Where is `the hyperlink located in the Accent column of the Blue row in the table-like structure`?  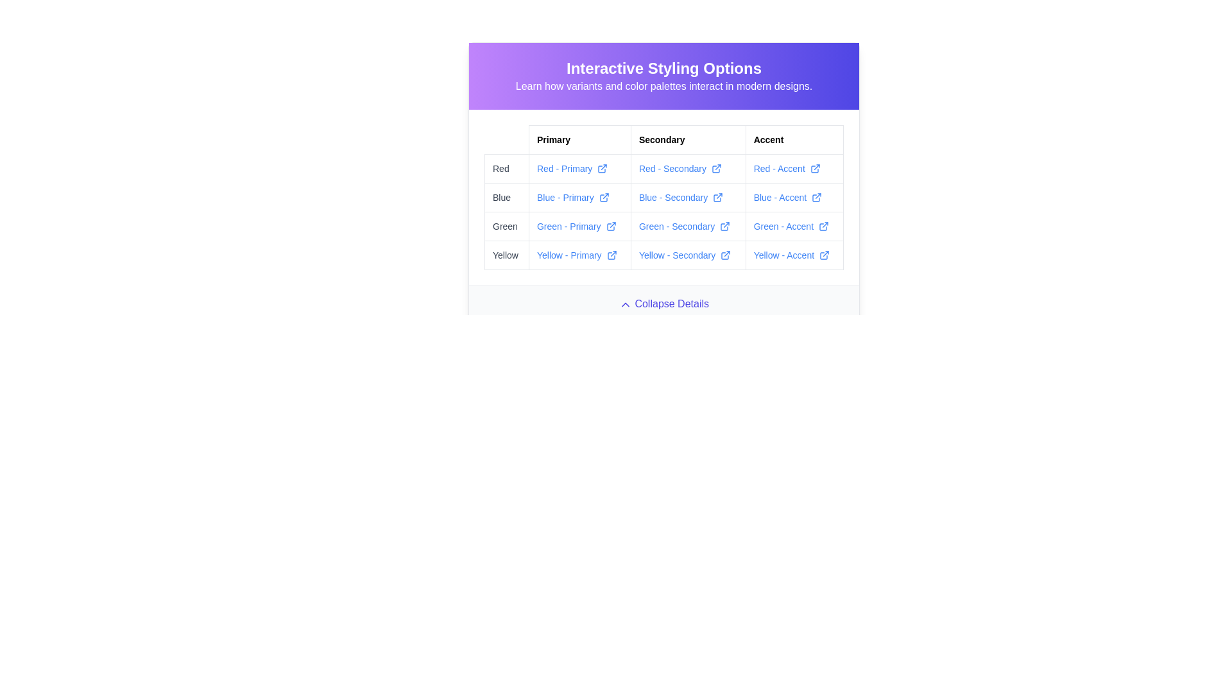 the hyperlink located in the Accent column of the Blue row in the table-like structure is located at coordinates (787, 198).